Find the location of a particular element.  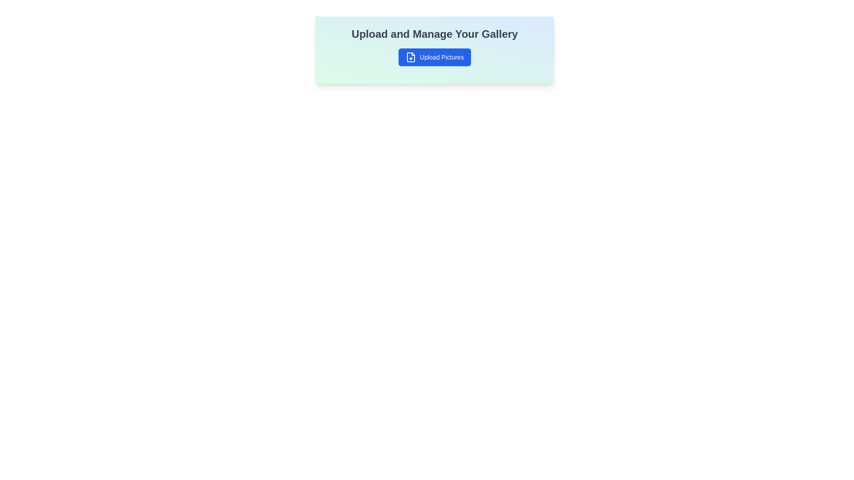

the 'Upload' button located below the heading 'Upload and Manage Your Gallery' is located at coordinates (435, 57).